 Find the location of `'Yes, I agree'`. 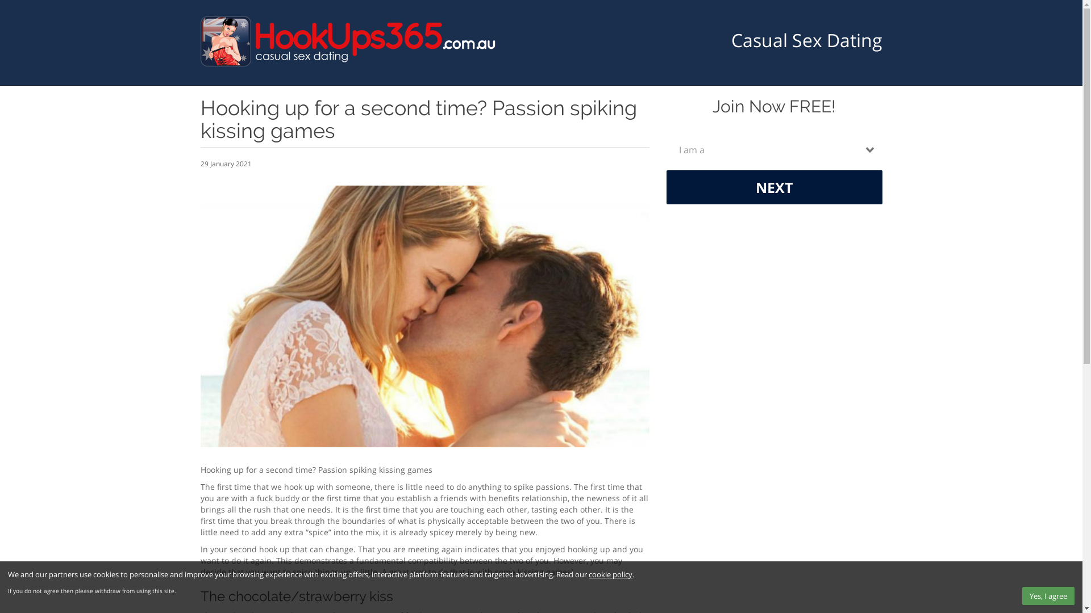

'Yes, I agree' is located at coordinates (1047, 595).